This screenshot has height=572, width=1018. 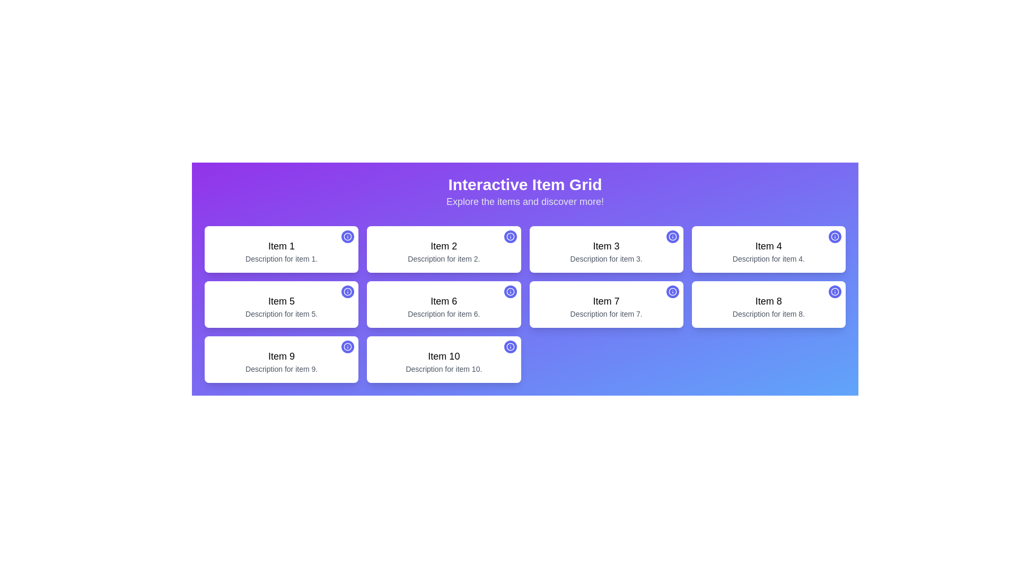 I want to click on the circular shape within the small icon located at the top-right corner of the card labeled 'Item 4', so click(x=834, y=236).